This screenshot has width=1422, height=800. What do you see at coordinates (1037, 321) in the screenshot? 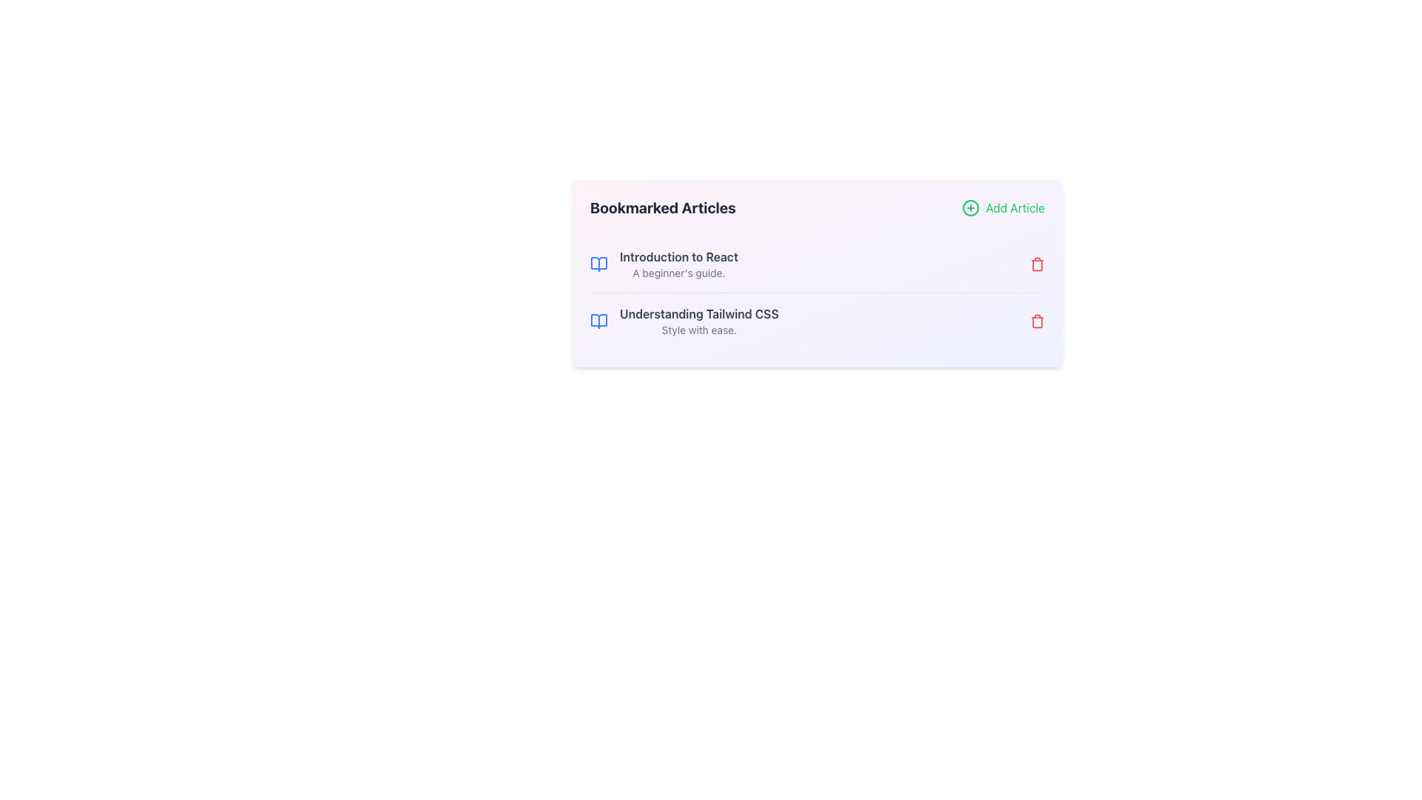
I see `the red trash bin icon located to the right of the text 'Understanding Tailwind CSS'` at bounding box center [1037, 321].